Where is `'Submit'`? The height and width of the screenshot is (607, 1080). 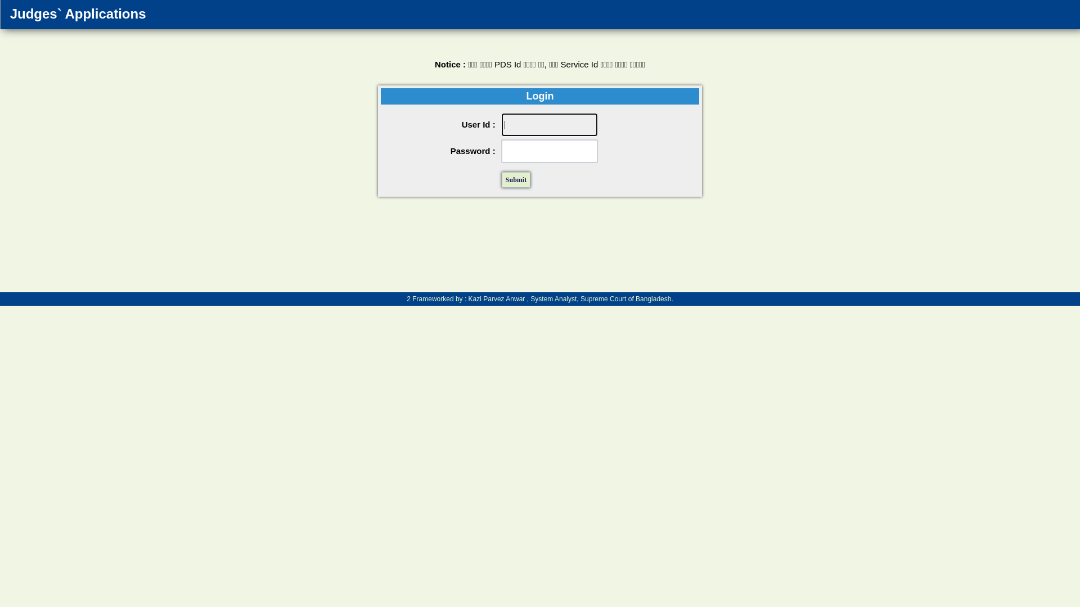
'Submit' is located at coordinates (515, 179).